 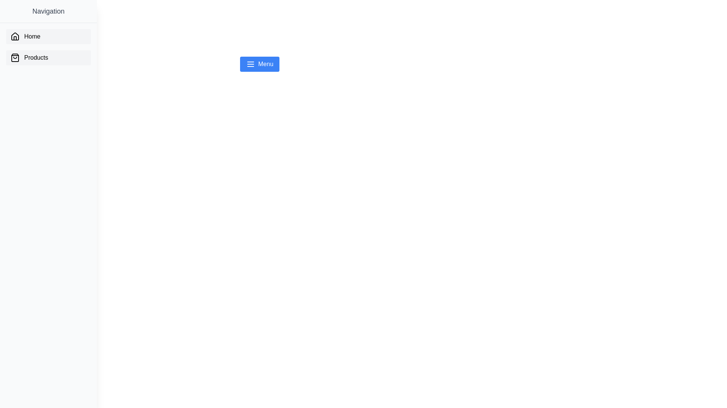 What do you see at coordinates (48, 11) in the screenshot?
I see `the 'Navigation' label in the drawer` at bounding box center [48, 11].